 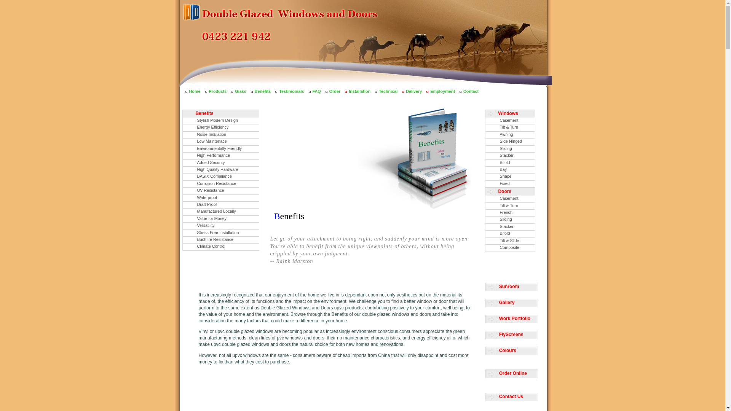 I want to click on 'Benefits', so click(x=220, y=114).